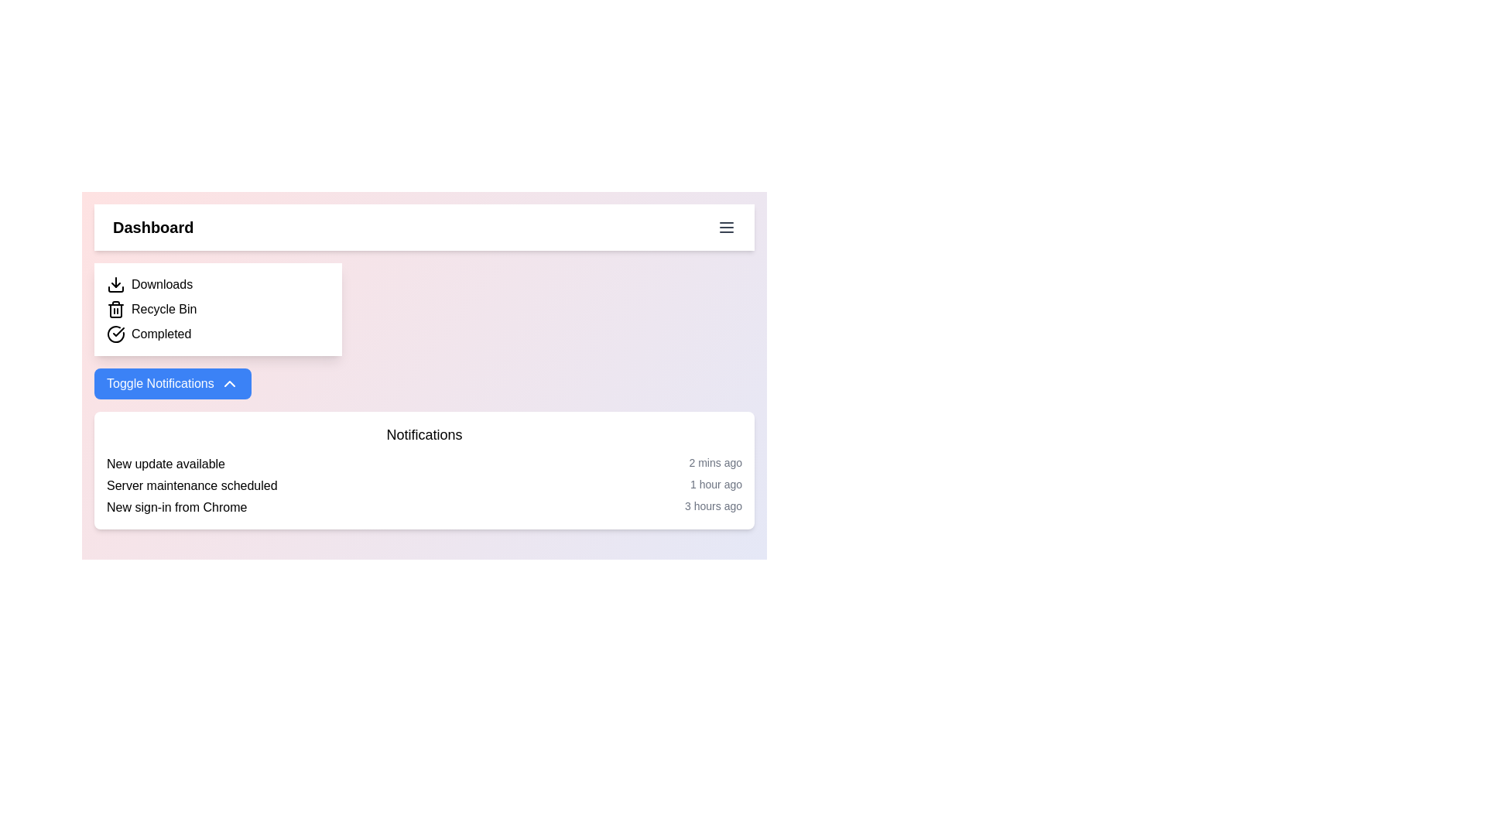 This screenshot has height=836, width=1486. Describe the element at coordinates (217, 310) in the screenshot. I see `the 'Recycle Bin' list item, which is the second item` at that location.